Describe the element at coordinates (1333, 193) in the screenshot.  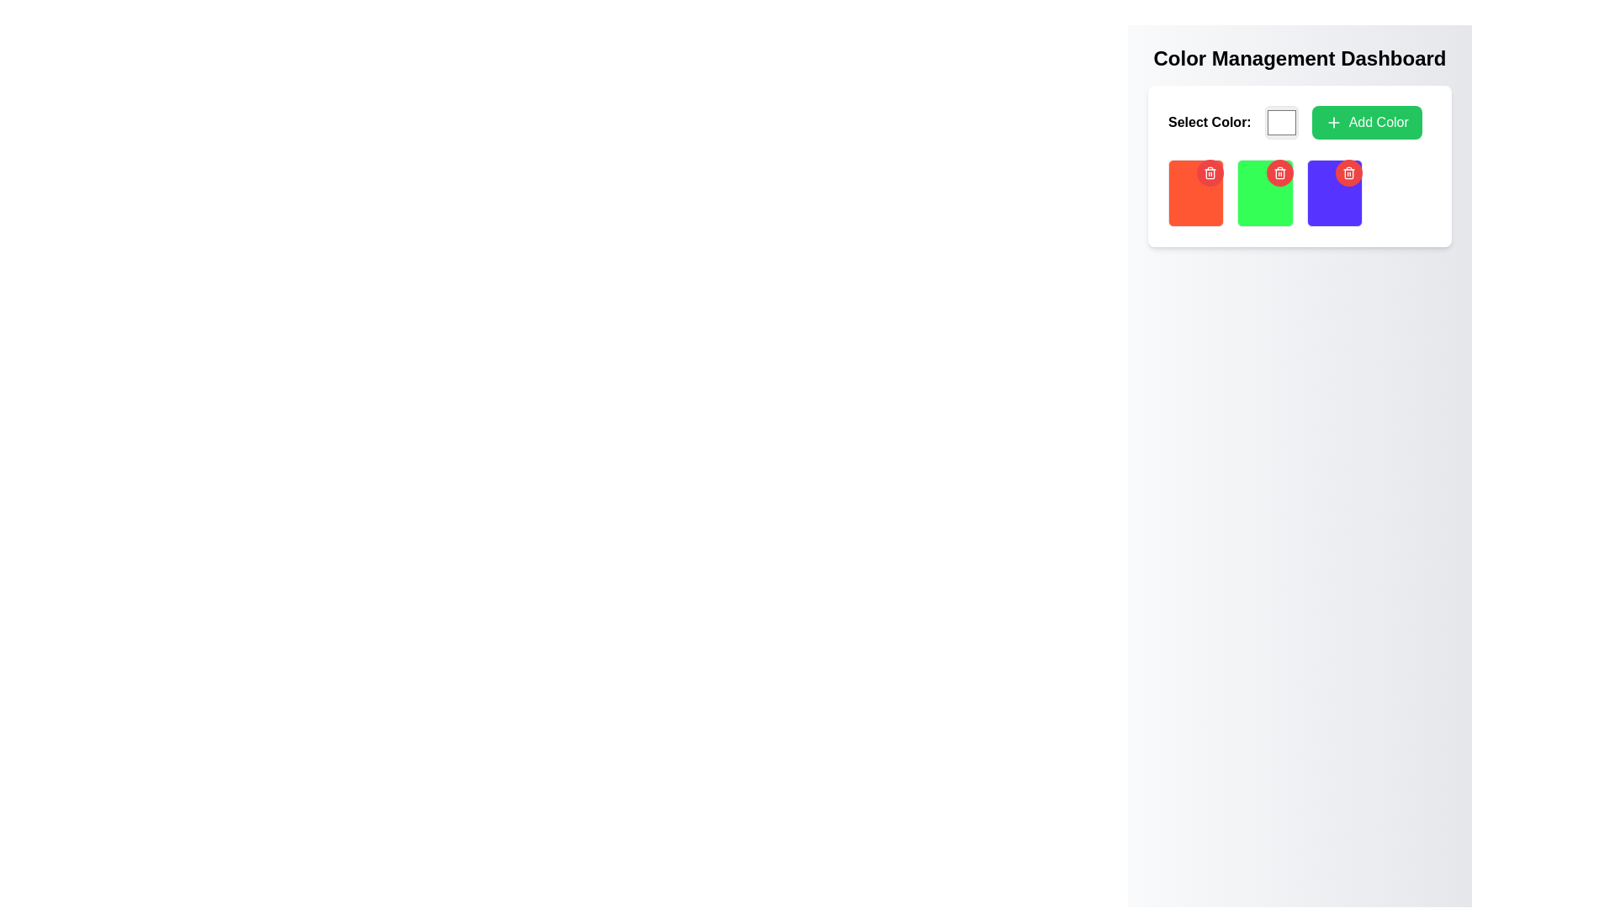
I see `the purple Interactive Card with a red circular trash icon button at the top-right corner` at that location.